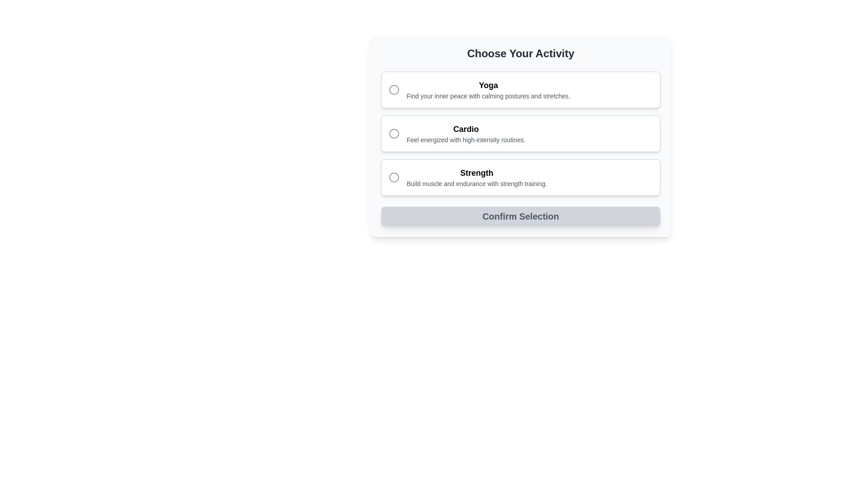  Describe the element at coordinates (465, 129) in the screenshot. I see `the 'Cardio' text label, which is styled in bold and larger font, positioned as the header in the second selection option of a vertical list of activities` at that location.